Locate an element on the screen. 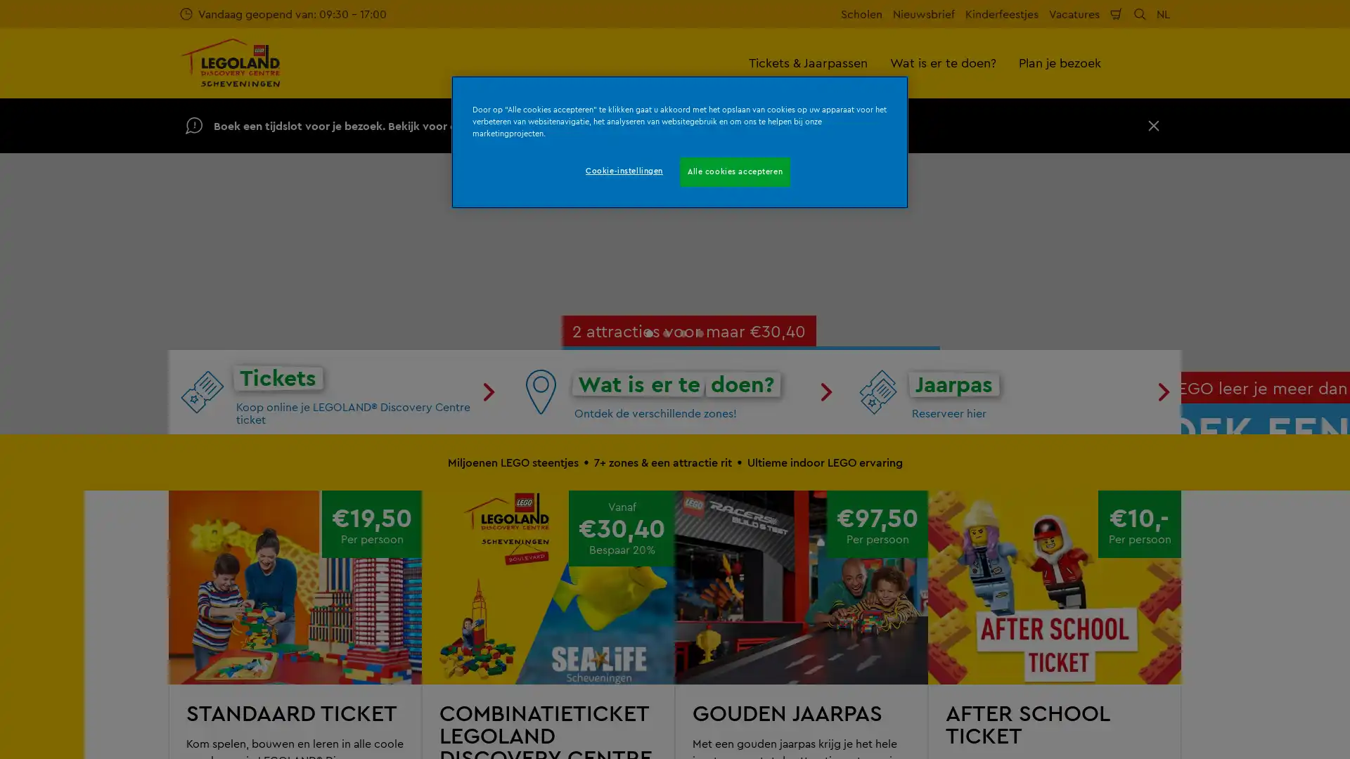 The image size is (1350, 759). Cookie-instellingen is located at coordinates (623, 170).